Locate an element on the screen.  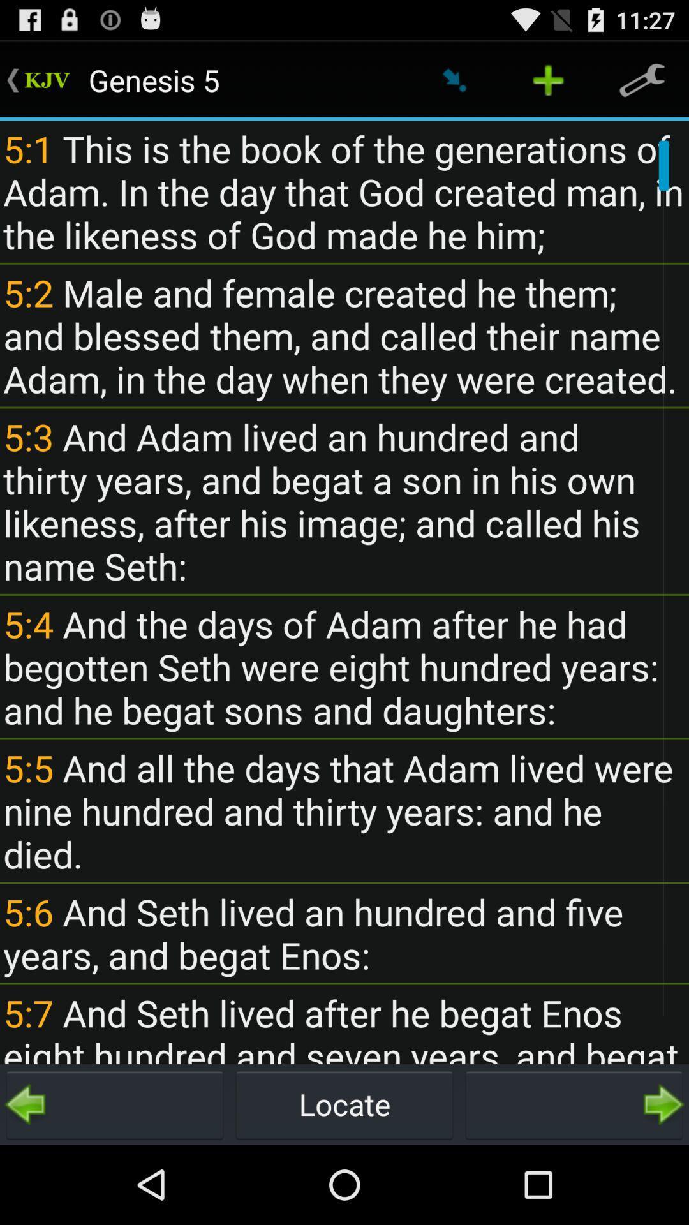
app below the 5 7 and item is located at coordinates (115, 1104).